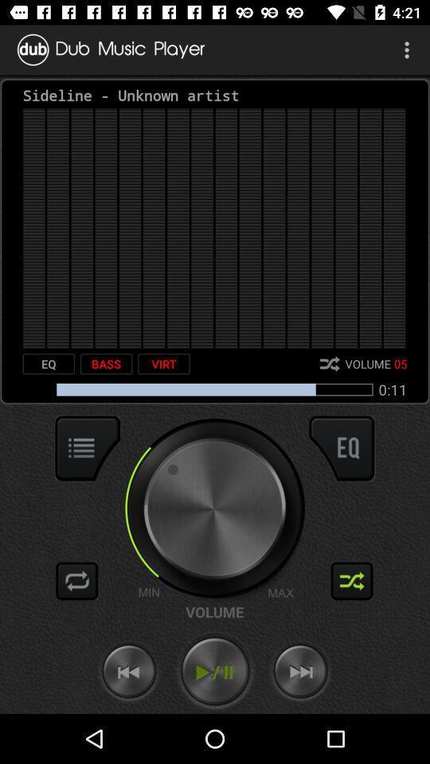  Describe the element at coordinates (163, 364) in the screenshot. I see `the  virt  item` at that location.